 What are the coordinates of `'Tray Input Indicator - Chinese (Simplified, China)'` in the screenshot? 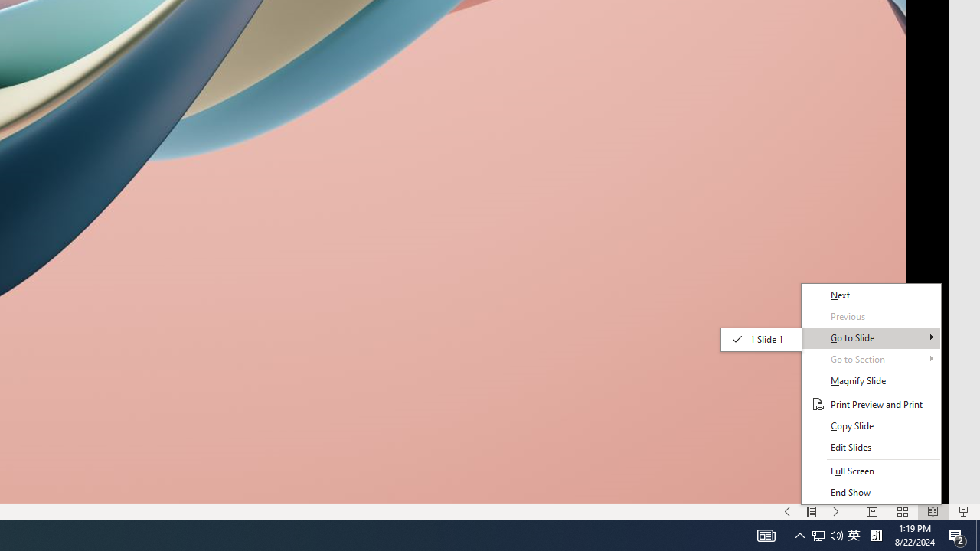 It's located at (876, 534).